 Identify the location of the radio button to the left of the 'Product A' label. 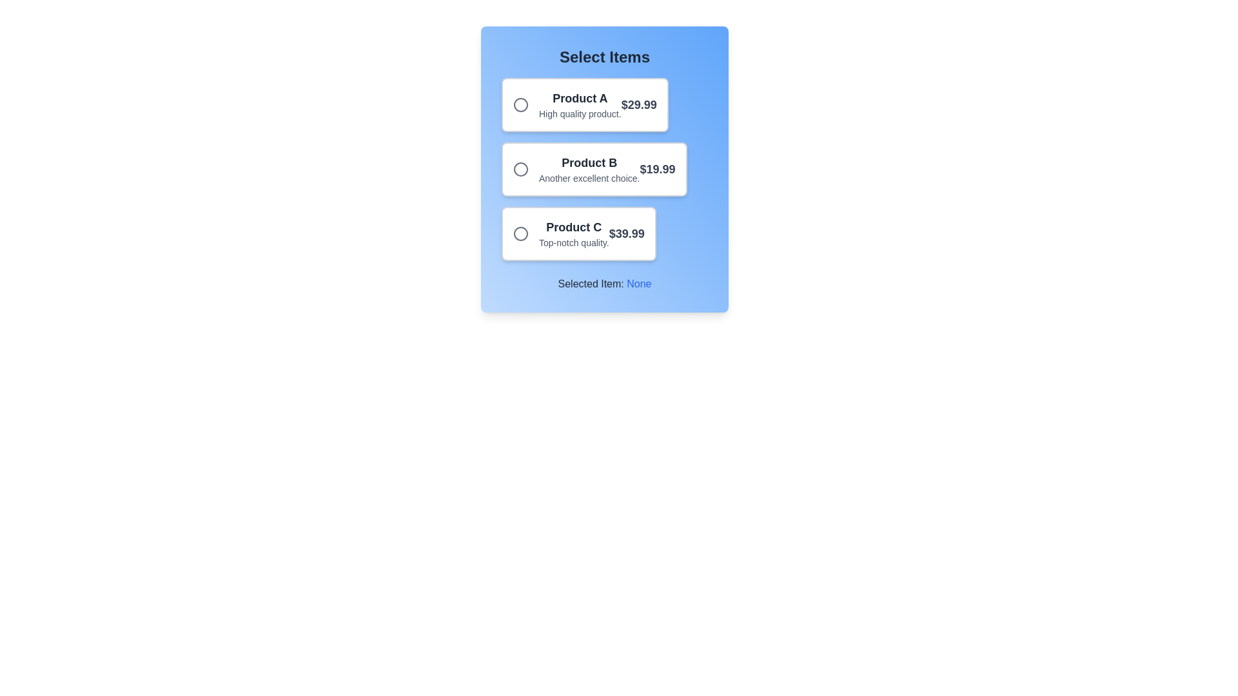
(520, 104).